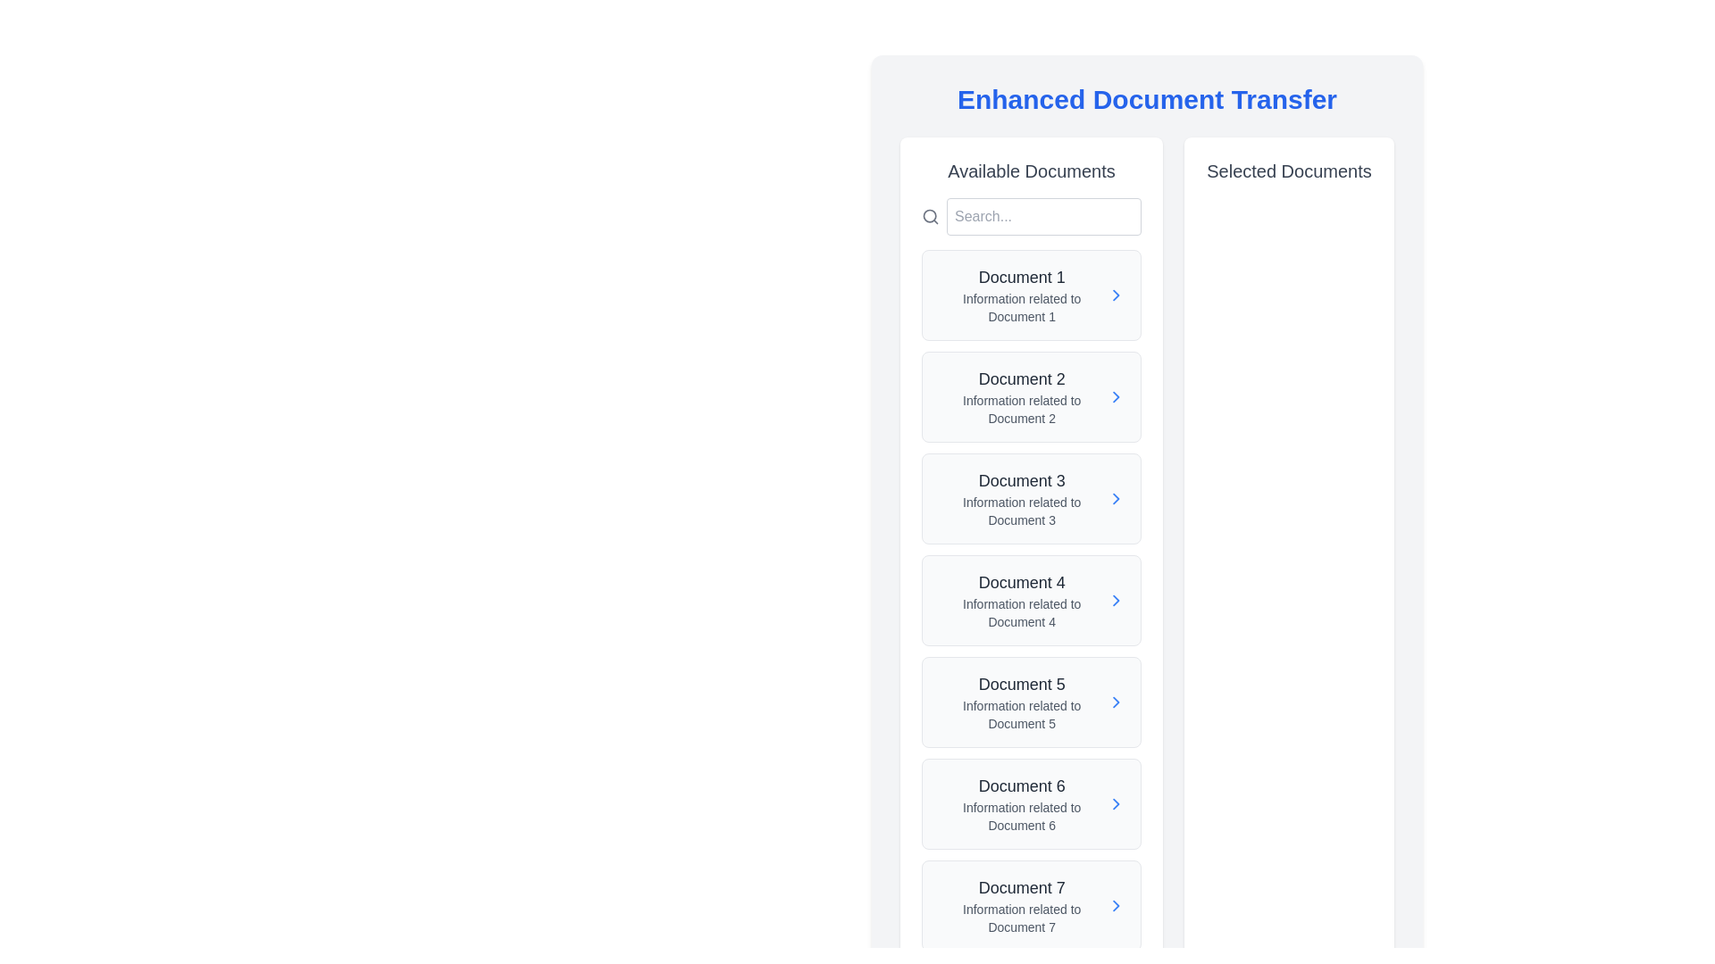 The height and width of the screenshot is (964, 1715). Describe the element at coordinates (1022, 306) in the screenshot. I see `the static text label that provides additional details about 'Document 1', located directly beneath the heading 'Document 1' in the 'Available Documents' list` at that location.